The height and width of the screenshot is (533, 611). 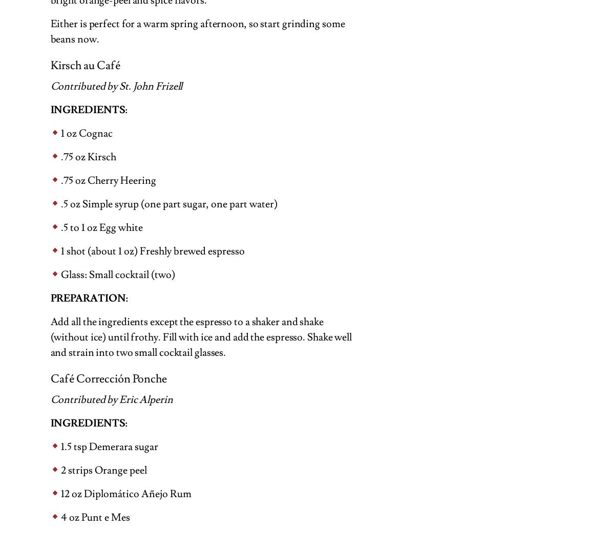 I want to click on '1 oz Cognac', so click(x=60, y=133).